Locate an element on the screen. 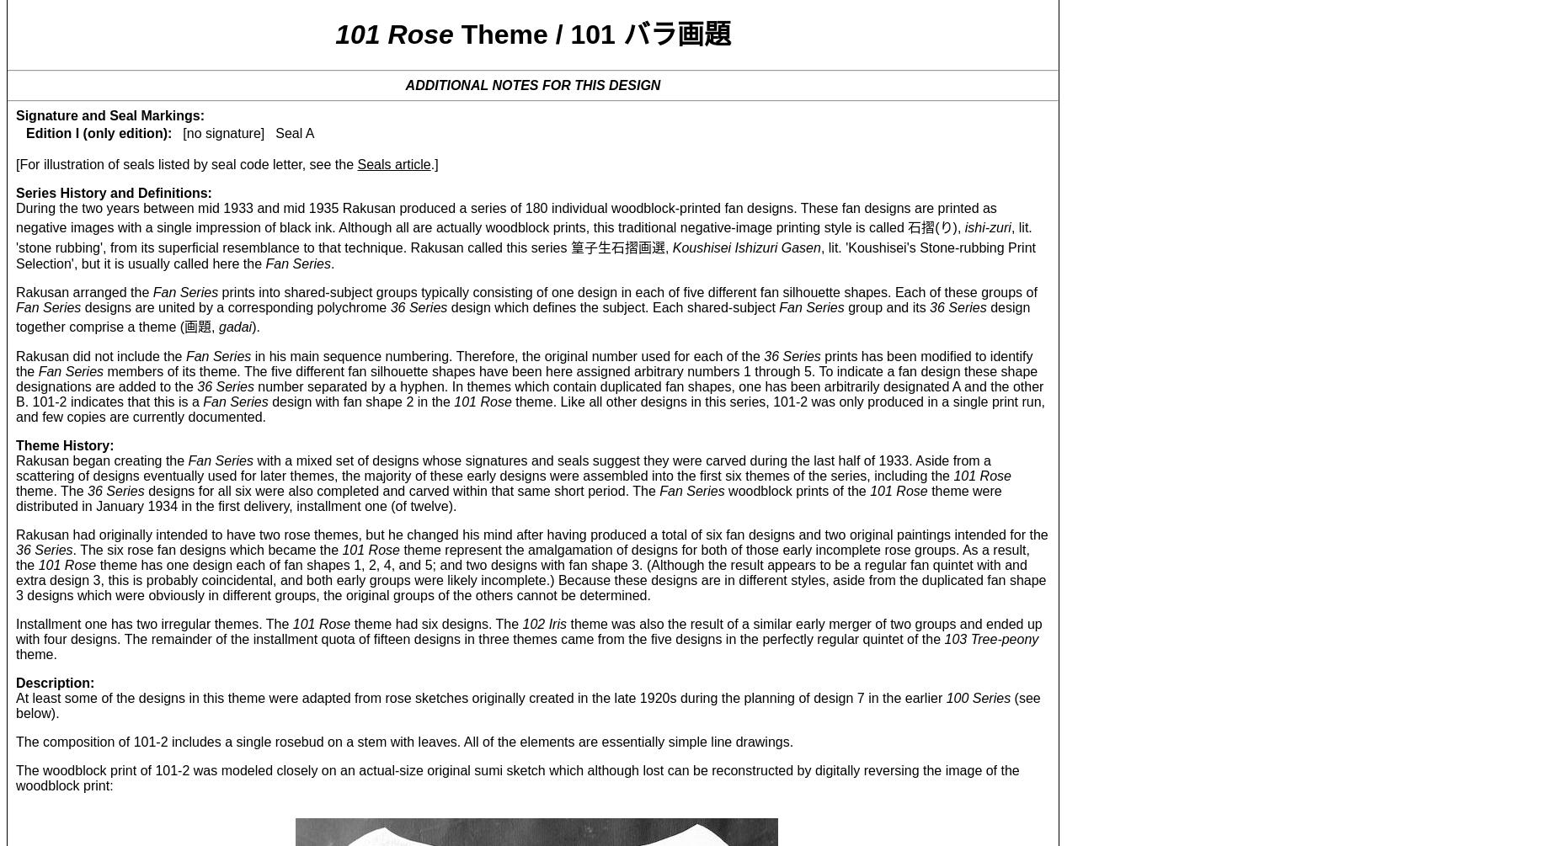 The width and height of the screenshot is (1558, 846). 'with a mixed set of designs whose signatures and seals suggest they were carved during the last half of 1933. Aside from a scattering of designs eventually used for later themes, the majority of these early designs were assembled into the first six themes of the series, including the' is located at coordinates (503, 466).